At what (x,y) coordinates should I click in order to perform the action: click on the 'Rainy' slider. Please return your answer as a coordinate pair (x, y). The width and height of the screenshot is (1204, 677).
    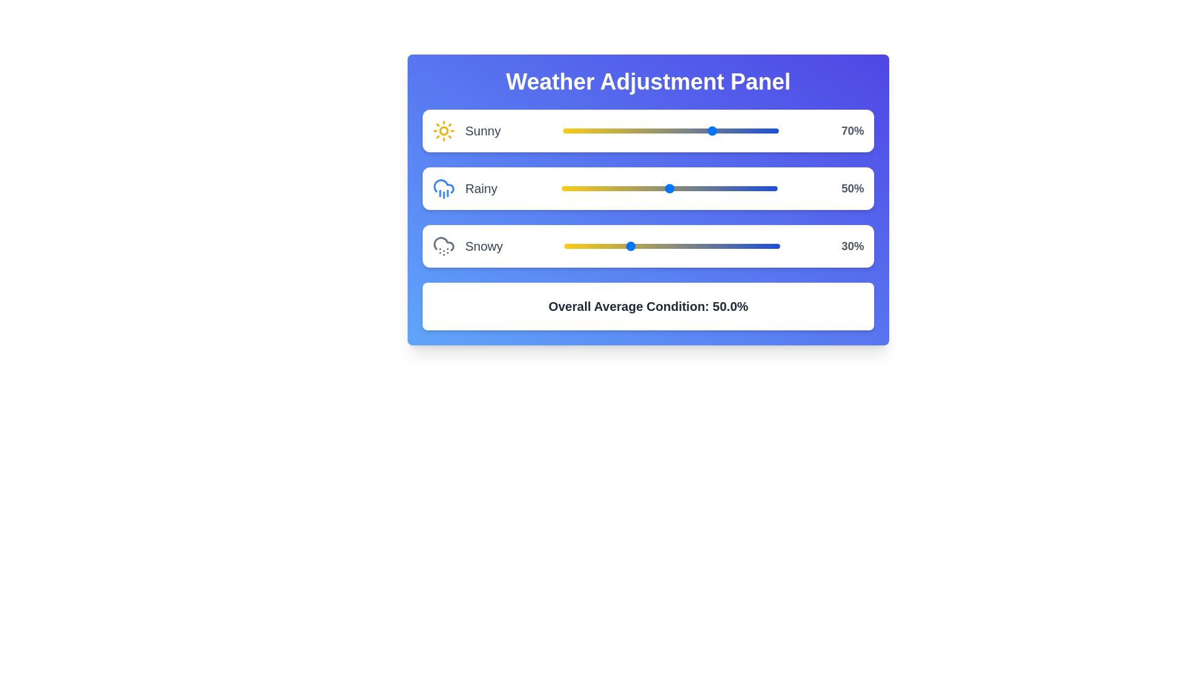
    Looking at the image, I should click on (670, 188).